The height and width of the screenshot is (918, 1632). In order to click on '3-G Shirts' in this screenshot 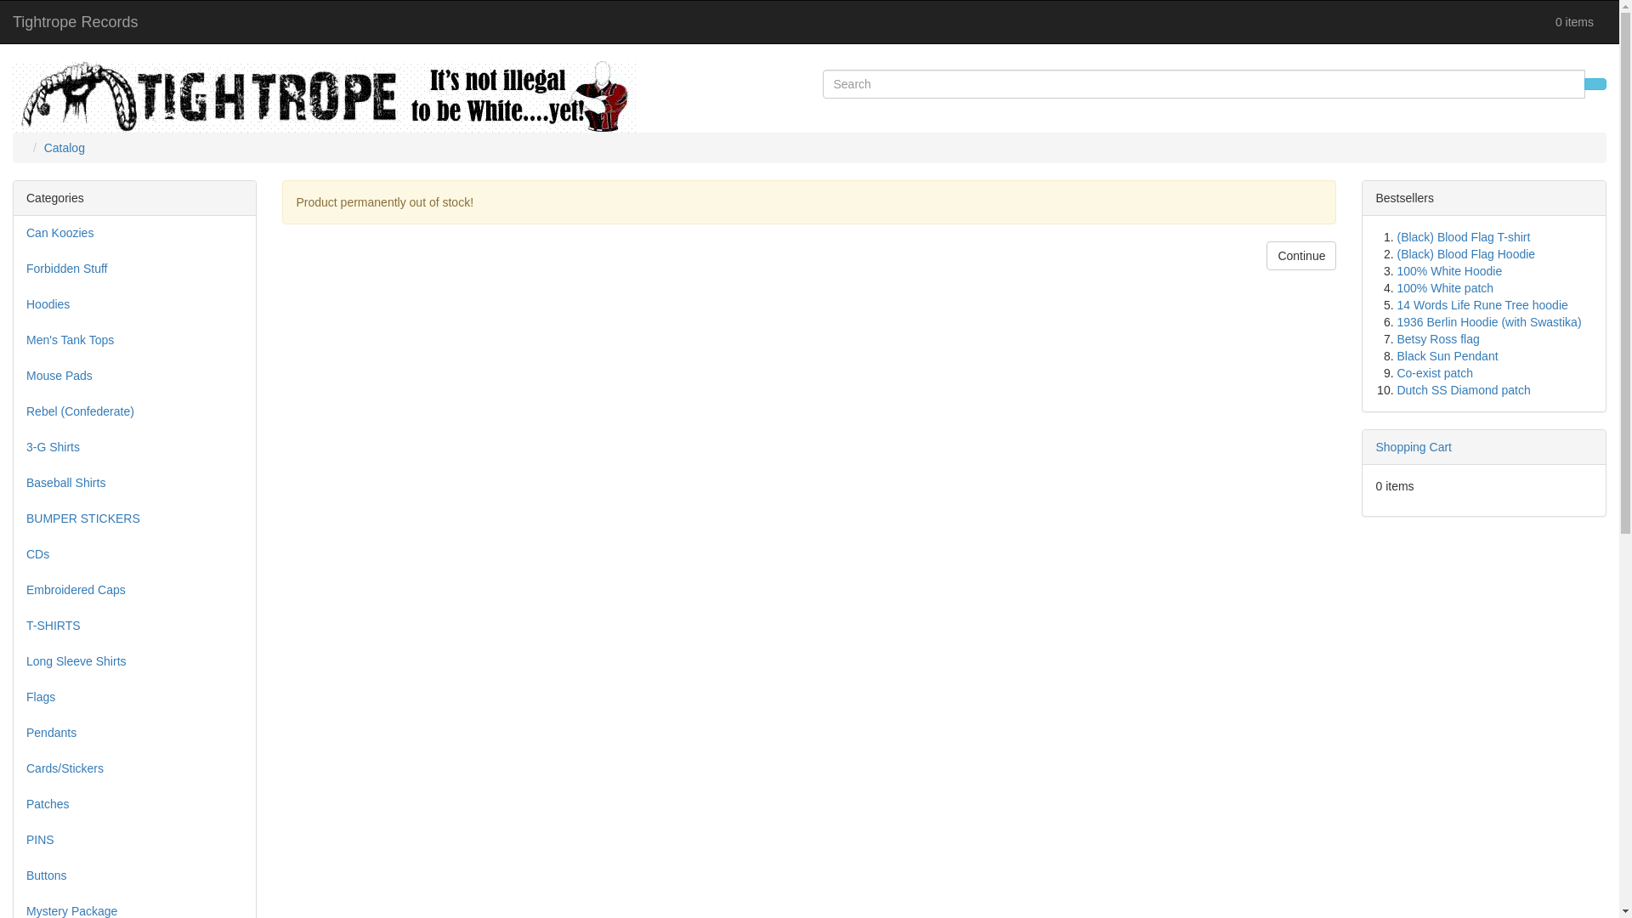, I will do `click(133, 445)`.